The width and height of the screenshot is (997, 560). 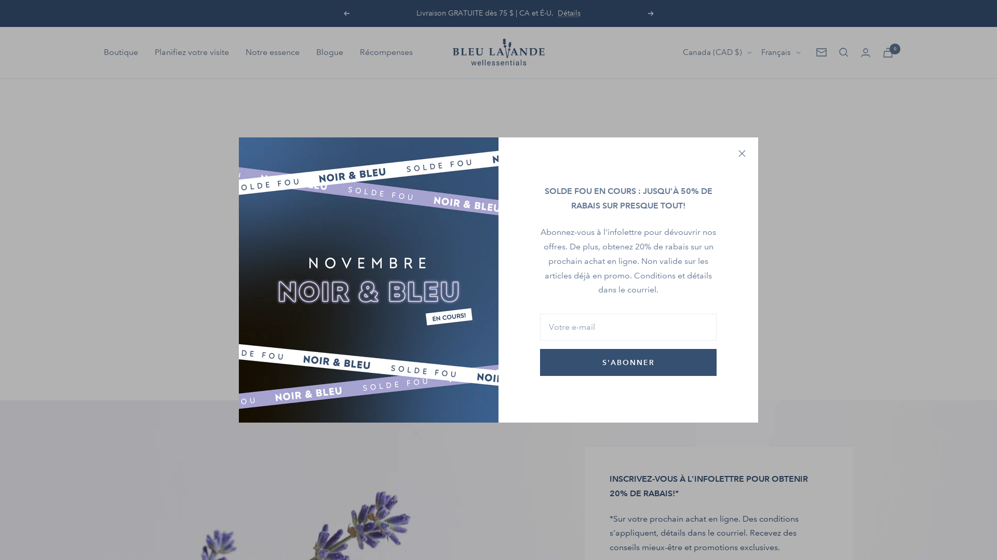 I want to click on 'Fermer', so click(x=742, y=153).